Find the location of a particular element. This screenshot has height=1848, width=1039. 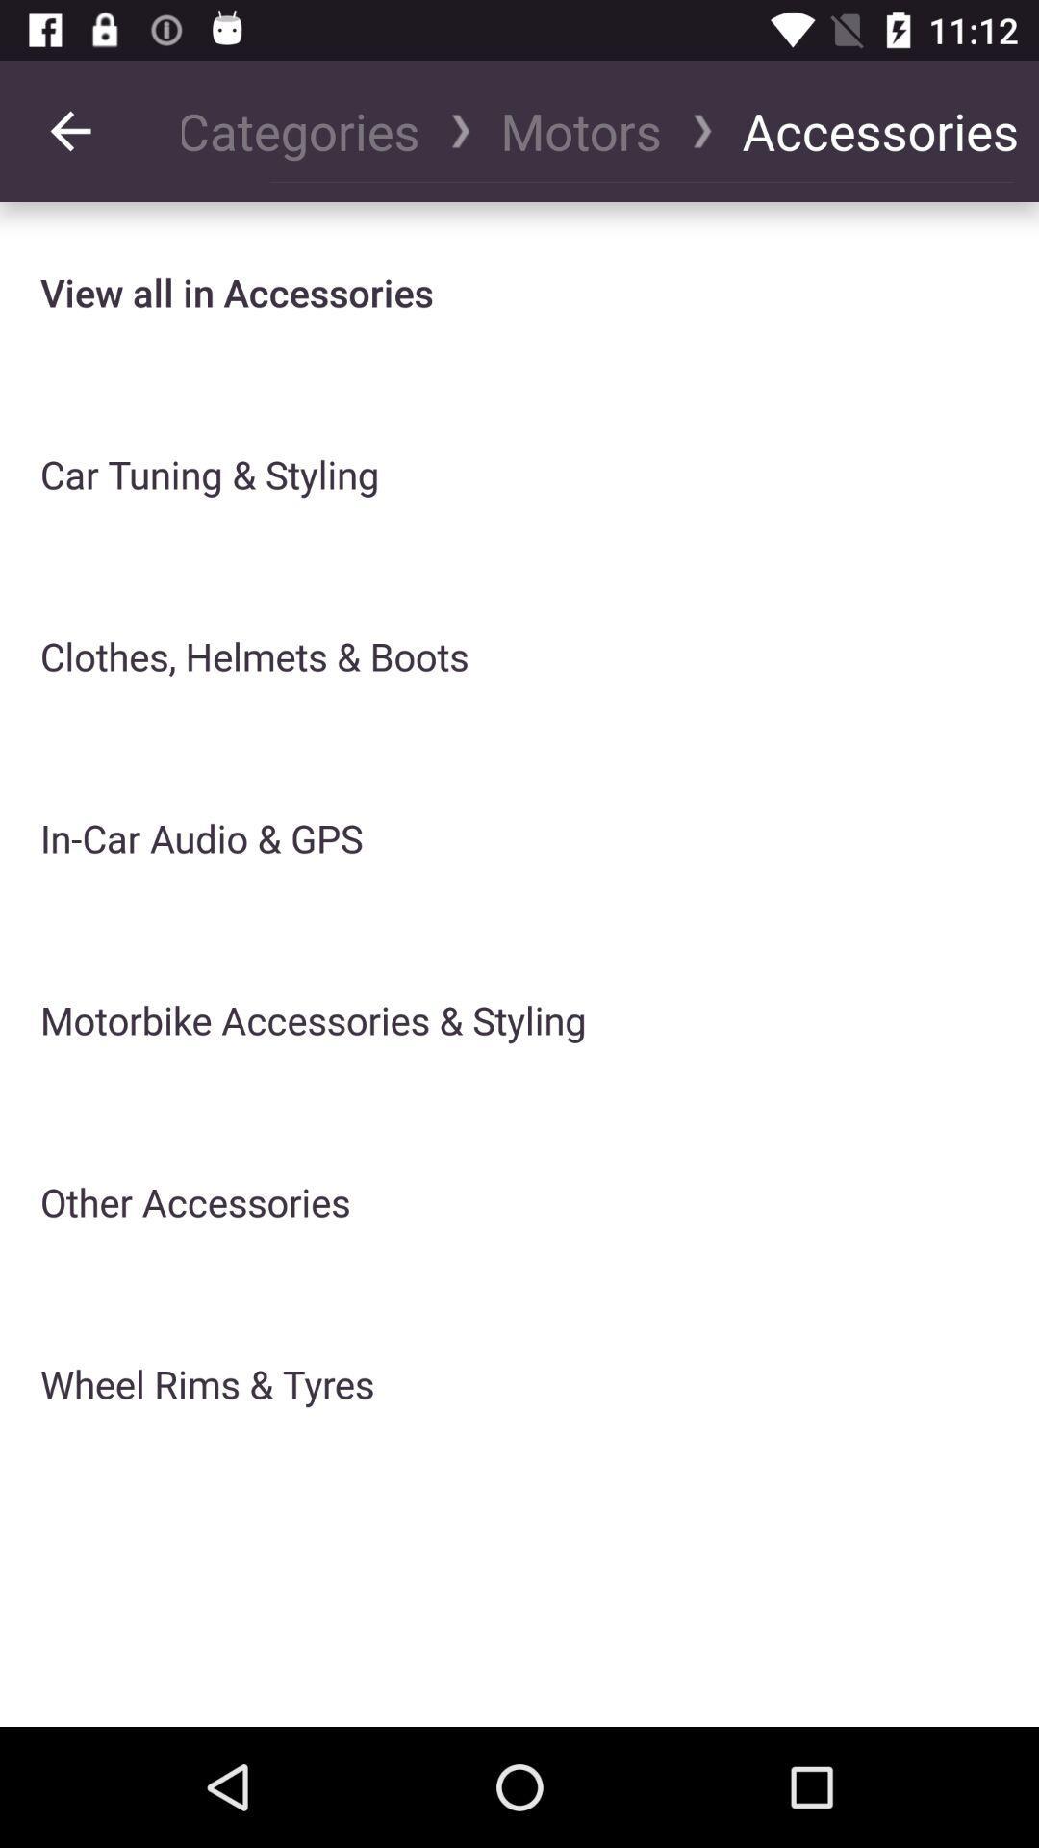

the item below the other accessories icon is located at coordinates (207, 1383).